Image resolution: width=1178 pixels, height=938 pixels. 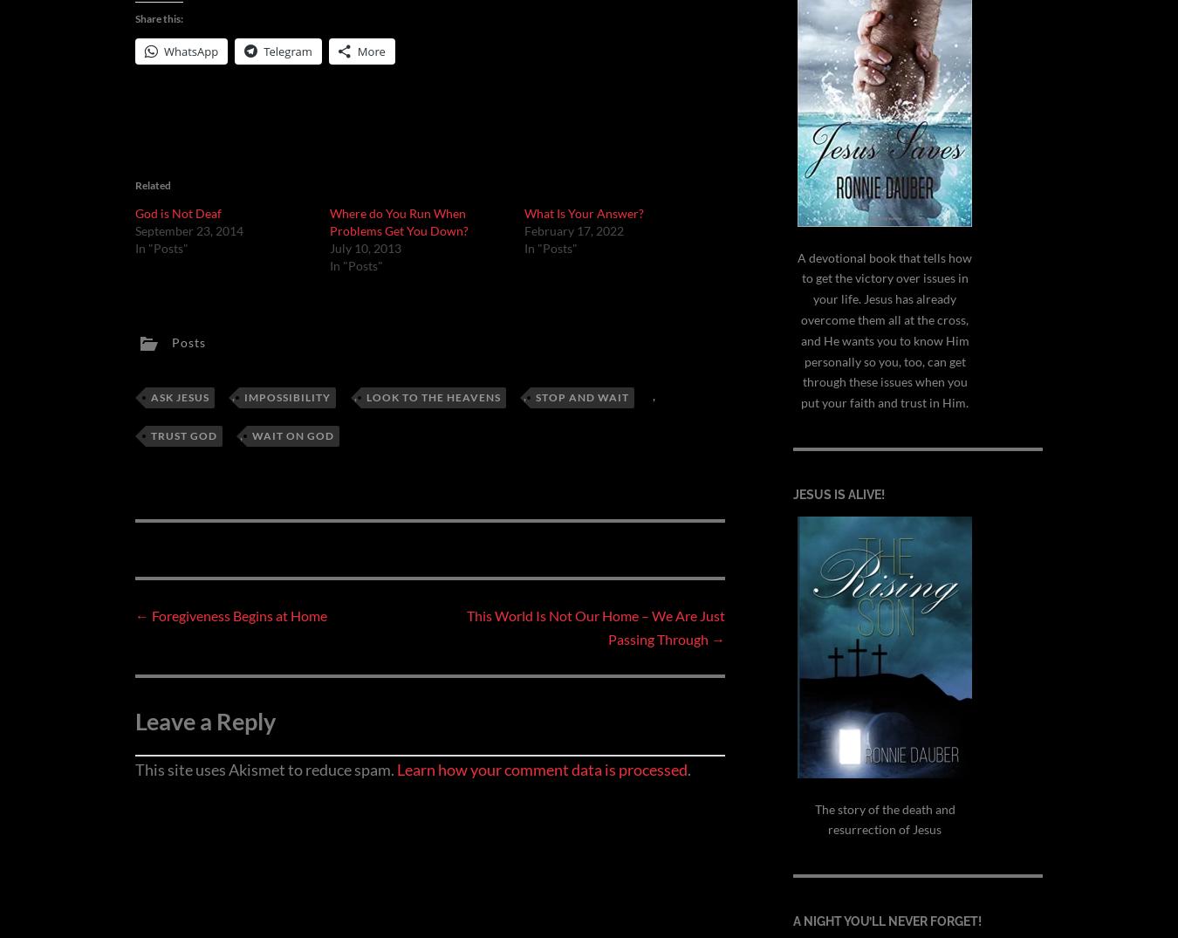 I want to click on 'Posts', so click(x=188, y=340).